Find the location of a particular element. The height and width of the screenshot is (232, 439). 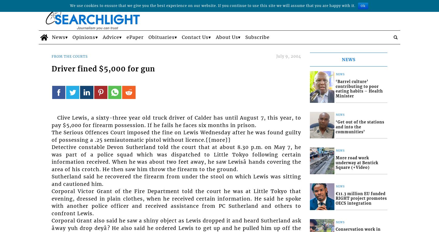

'About Us' is located at coordinates (227, 37).